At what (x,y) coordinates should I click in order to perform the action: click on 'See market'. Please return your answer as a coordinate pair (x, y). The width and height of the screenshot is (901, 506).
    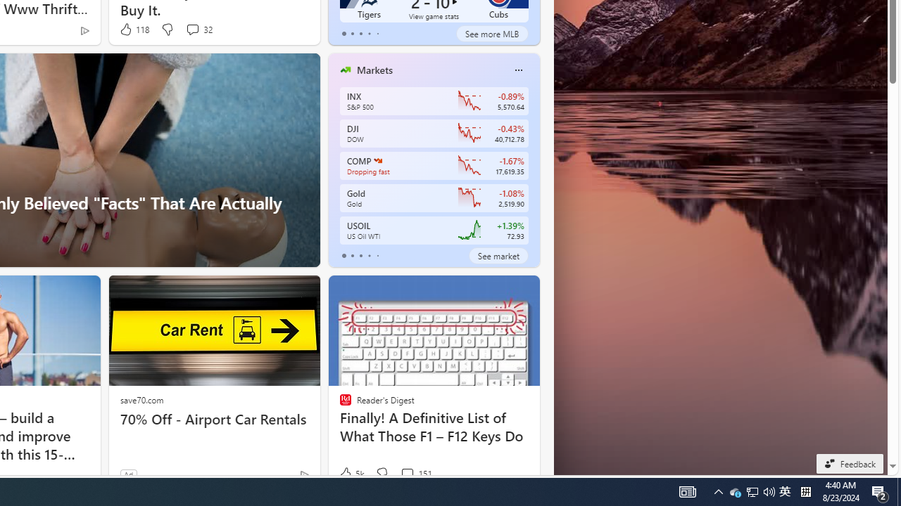
    Looking at the image, I should click on (498, 255).